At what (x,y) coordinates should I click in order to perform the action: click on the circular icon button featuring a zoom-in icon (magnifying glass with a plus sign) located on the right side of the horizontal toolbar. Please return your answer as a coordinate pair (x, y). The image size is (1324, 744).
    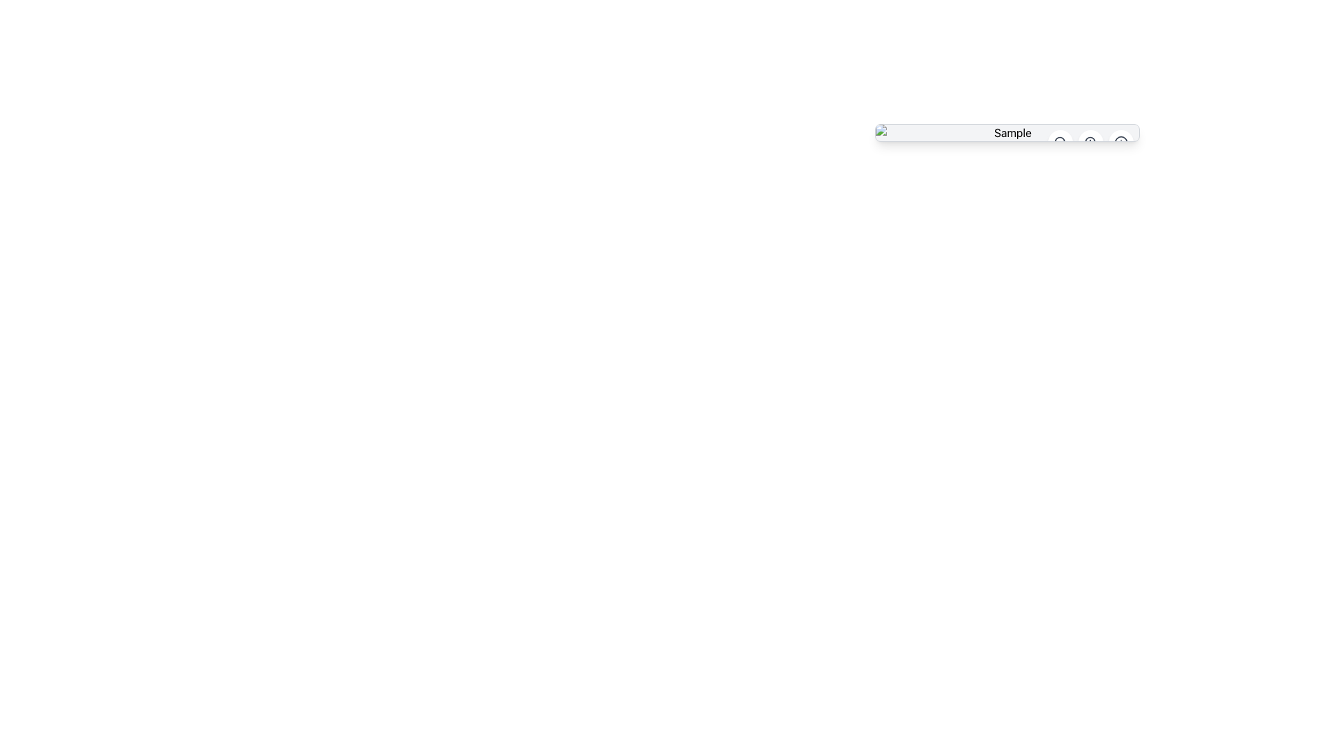
    Looking at the image, I should click on (1090, 143).